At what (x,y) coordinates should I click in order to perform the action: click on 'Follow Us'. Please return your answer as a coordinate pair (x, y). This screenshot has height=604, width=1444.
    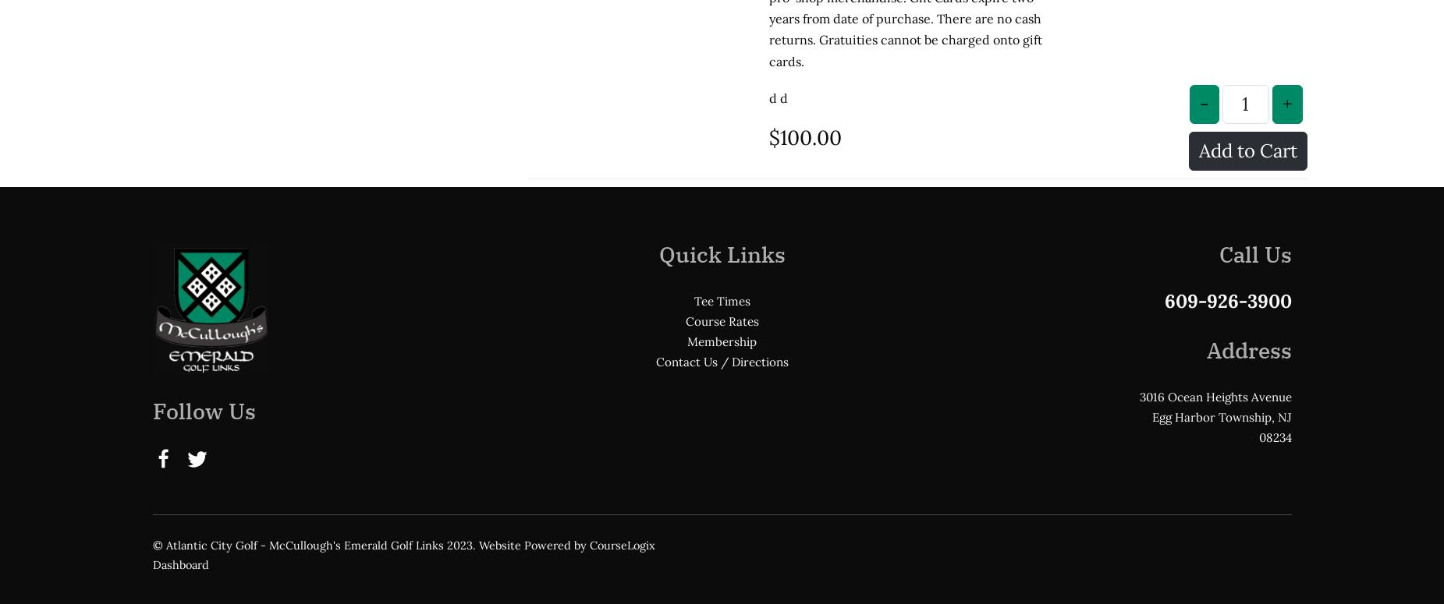
    Looking at the image, I should click on (151, 282).